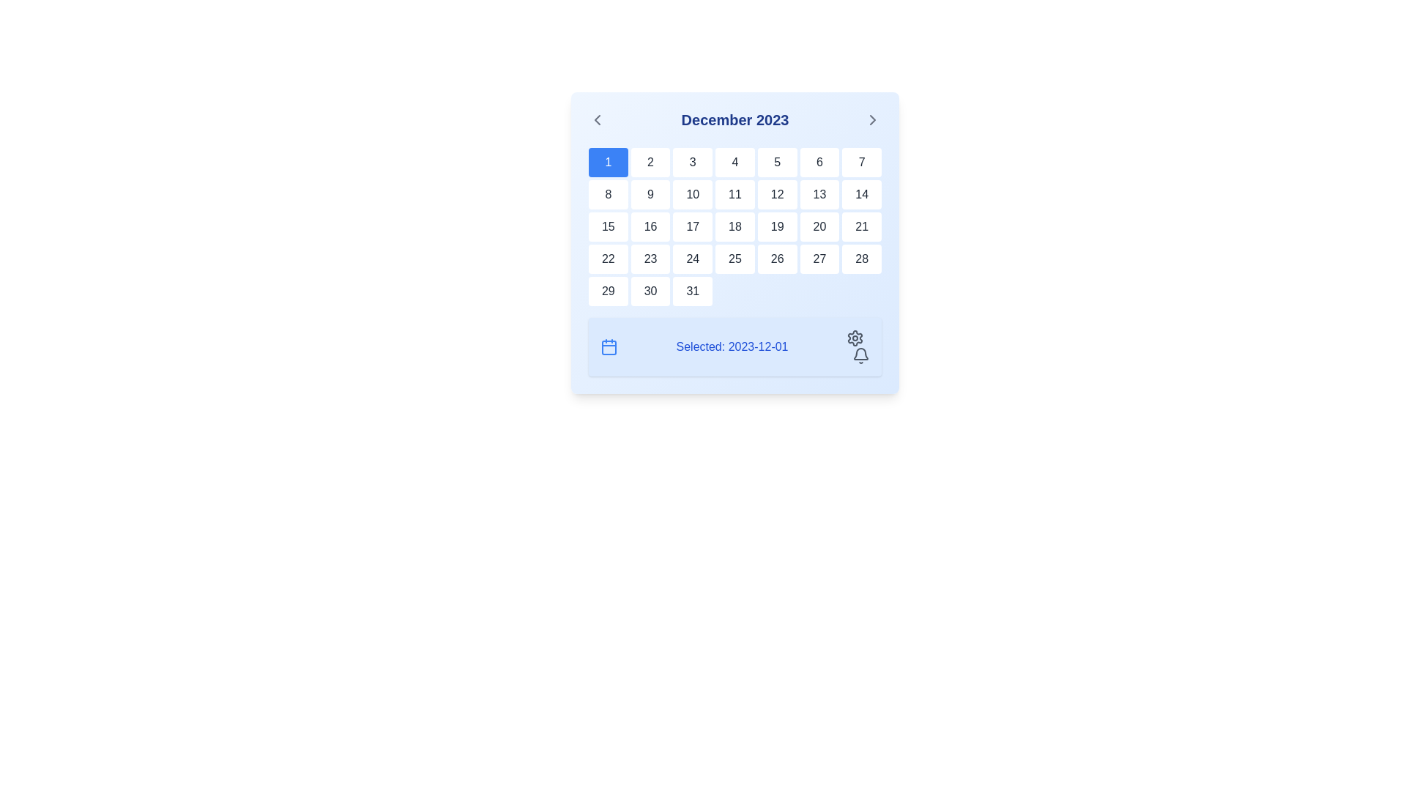 The width and height of the screenshot is (1406, 791). Describe the element at coordinates (608, 259) in the screenshot. I see `the calendar cell displaying the date '22' in the 4th row and 1st column of the calendar grid` at that location.